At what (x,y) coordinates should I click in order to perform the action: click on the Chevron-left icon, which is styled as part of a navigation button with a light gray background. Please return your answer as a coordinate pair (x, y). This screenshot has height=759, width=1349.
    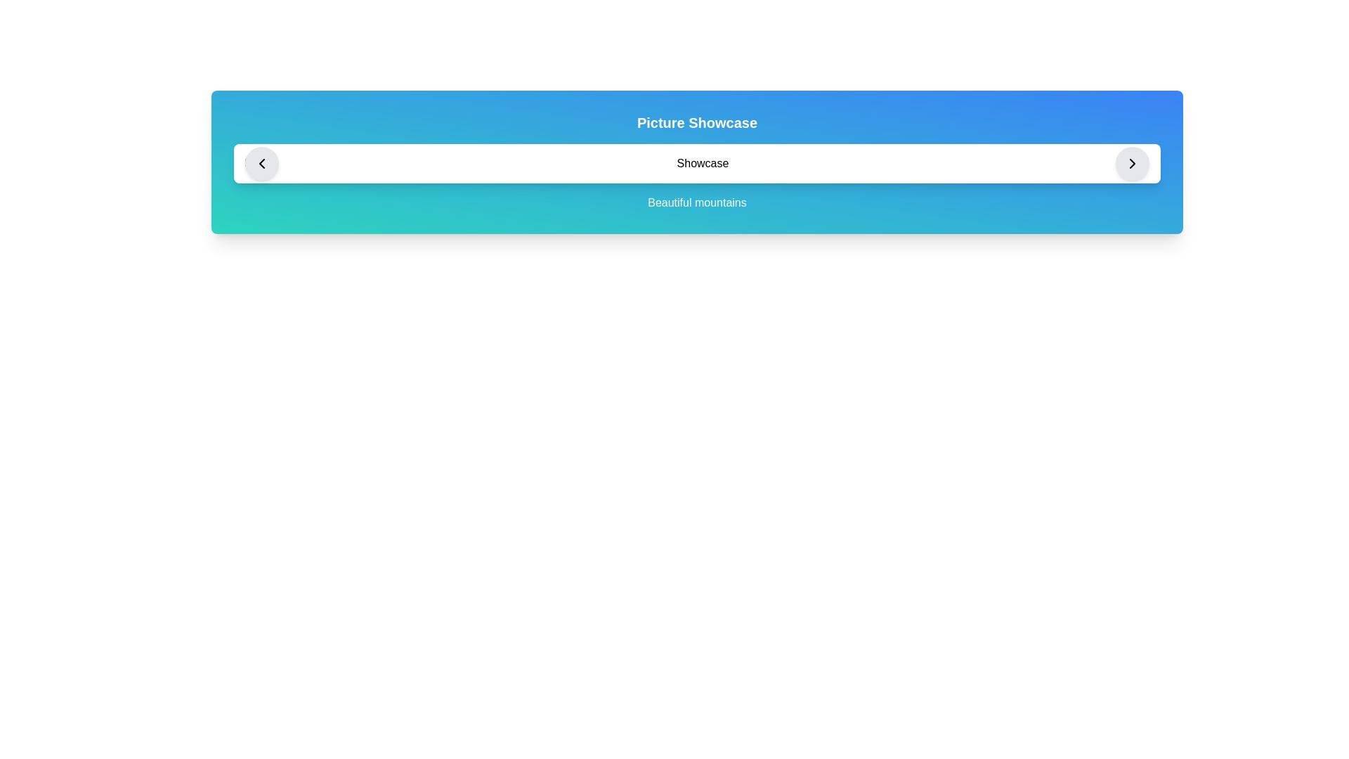
    Looking at the image, I should click on (262, 162).